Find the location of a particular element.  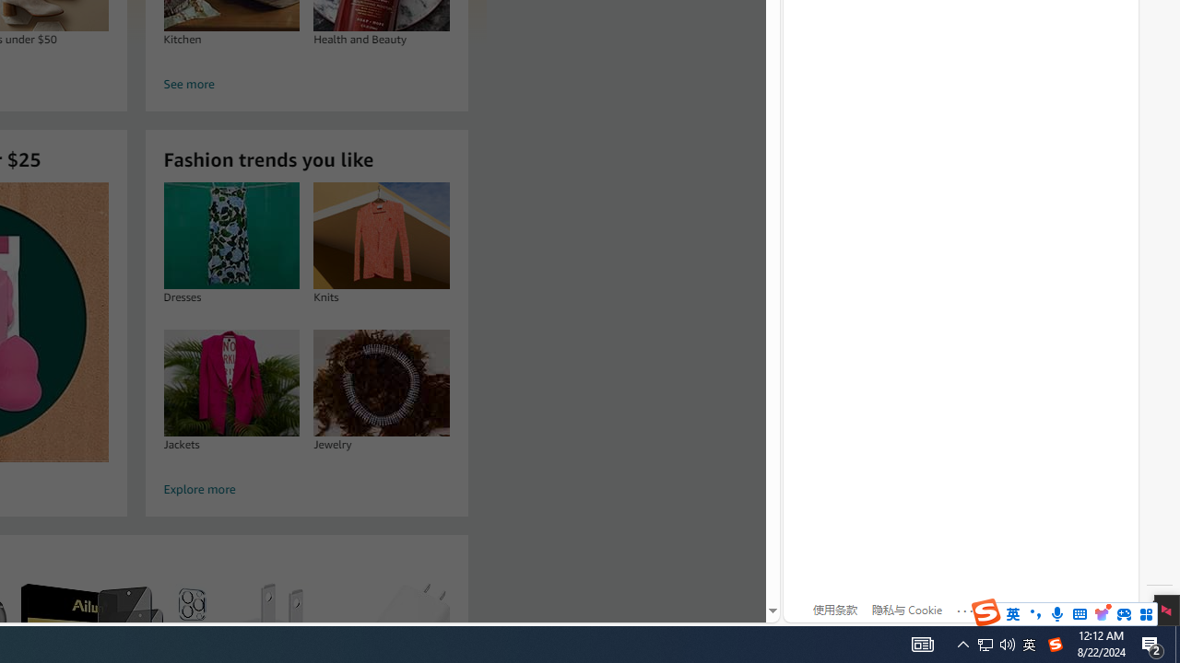

'Explore more' is located at coordinates (306, 489).